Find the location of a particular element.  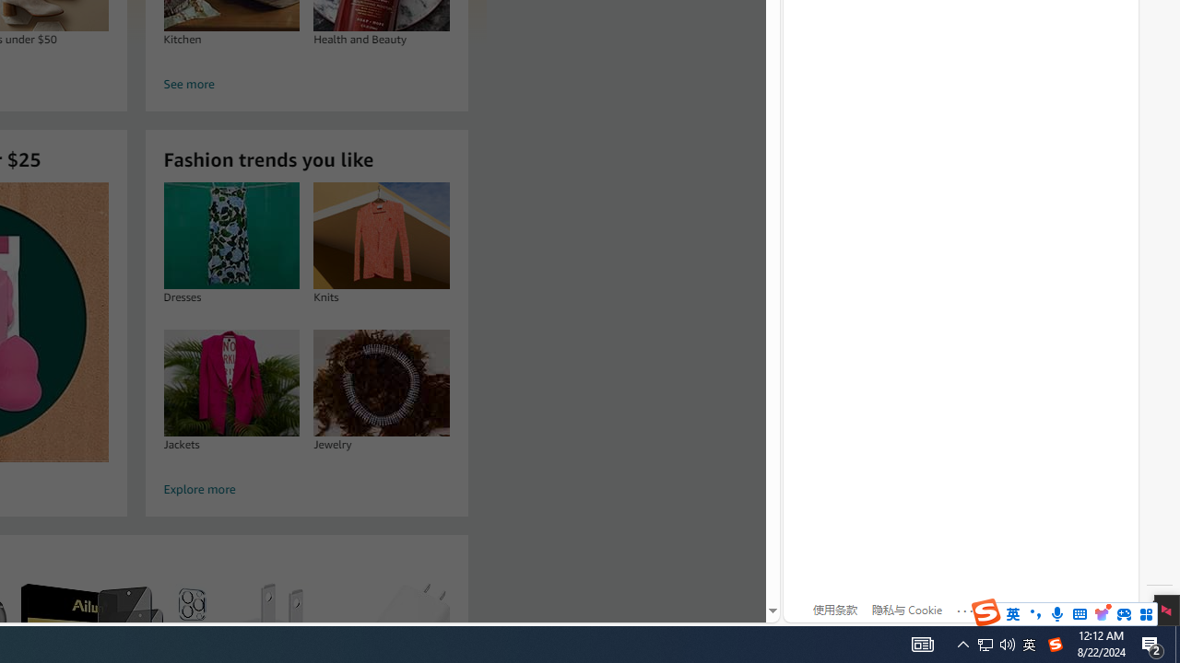

'Explore more' is located at coordinates (306, 489).